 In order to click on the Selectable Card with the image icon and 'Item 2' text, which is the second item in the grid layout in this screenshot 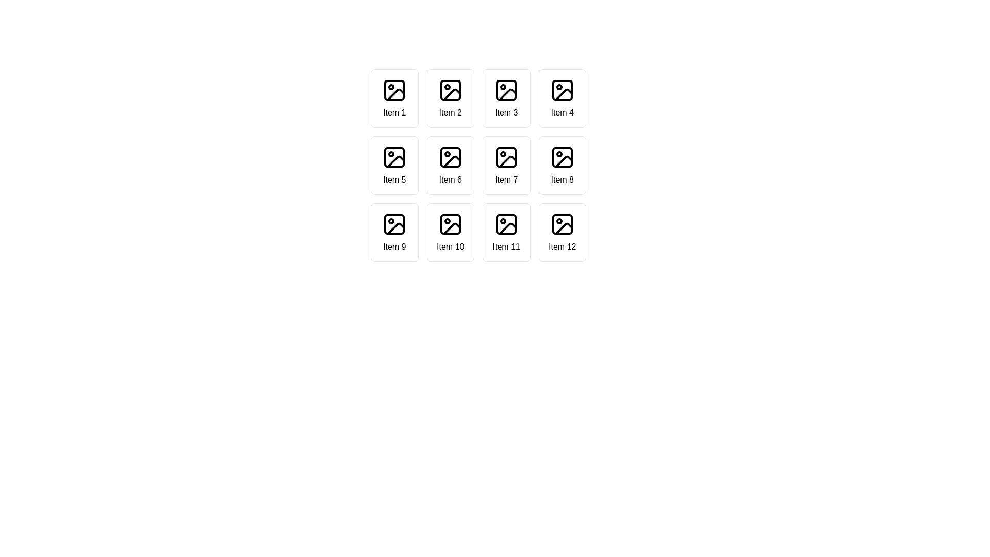, I will do `click(450, 99)`.